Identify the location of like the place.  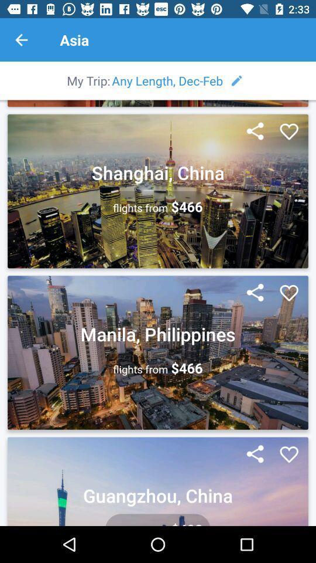
(288, 132).